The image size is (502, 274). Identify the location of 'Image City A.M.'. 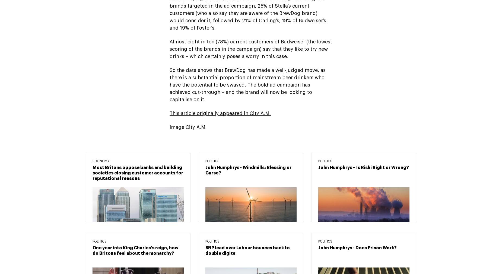
(188, 127).